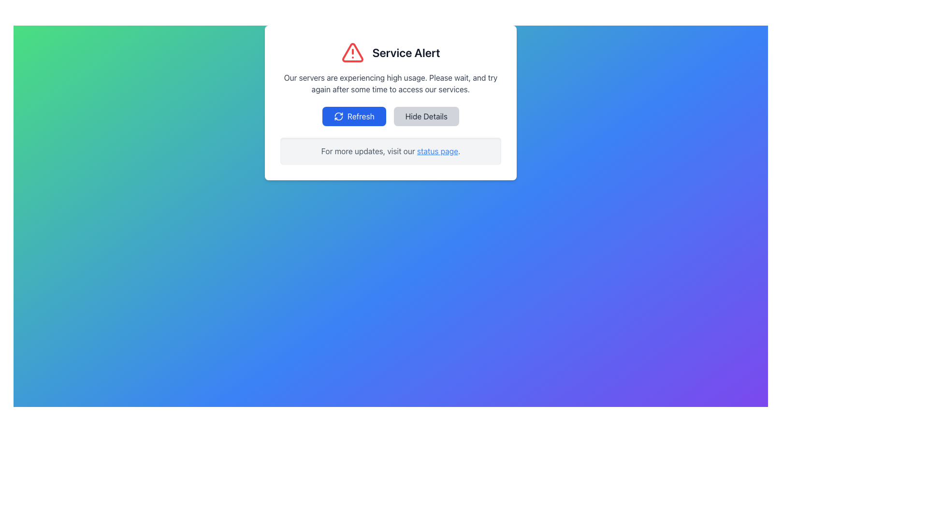 This screenshot has width=928, height=522. Describe the element at coordinates (352, 52) in the screenshot. I see `the warning icon located to the left of the 'Service Alert' text in the modal dialog box` at that location.